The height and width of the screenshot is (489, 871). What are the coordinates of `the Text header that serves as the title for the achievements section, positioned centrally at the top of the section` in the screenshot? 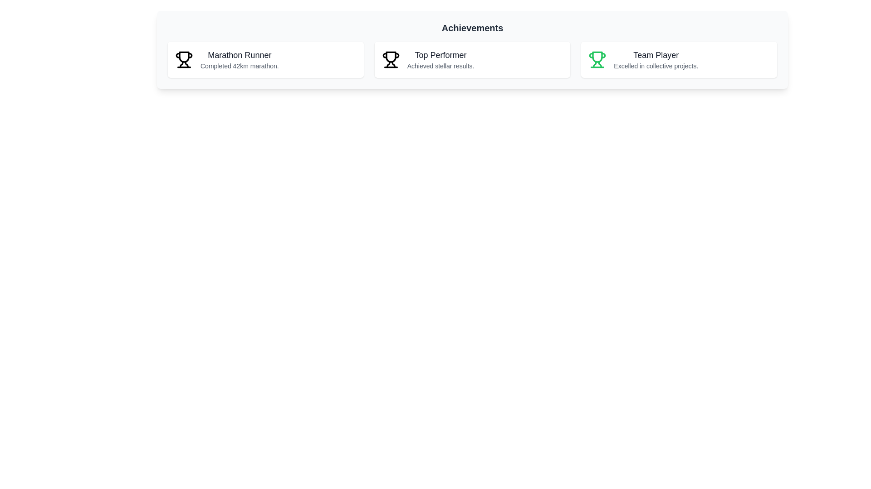 It's located at (472, 27).